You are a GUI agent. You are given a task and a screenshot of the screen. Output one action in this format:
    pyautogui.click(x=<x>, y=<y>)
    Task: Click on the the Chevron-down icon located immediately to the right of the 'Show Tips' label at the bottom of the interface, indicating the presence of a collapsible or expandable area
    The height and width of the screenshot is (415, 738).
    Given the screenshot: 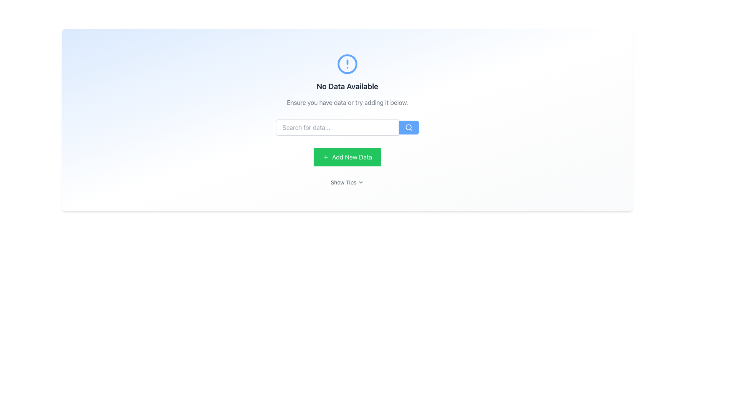 What is the action you would take?
    pyautogui.click(x=361, y=182)
    